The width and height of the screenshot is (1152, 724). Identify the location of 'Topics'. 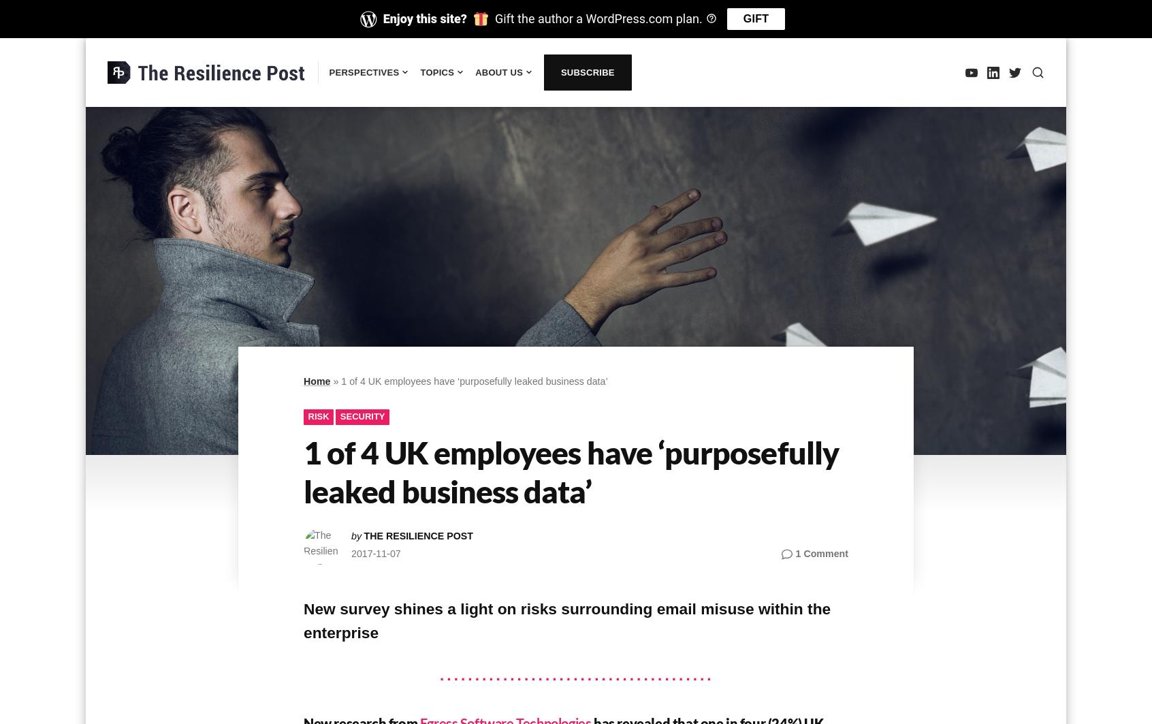
(419, 72).